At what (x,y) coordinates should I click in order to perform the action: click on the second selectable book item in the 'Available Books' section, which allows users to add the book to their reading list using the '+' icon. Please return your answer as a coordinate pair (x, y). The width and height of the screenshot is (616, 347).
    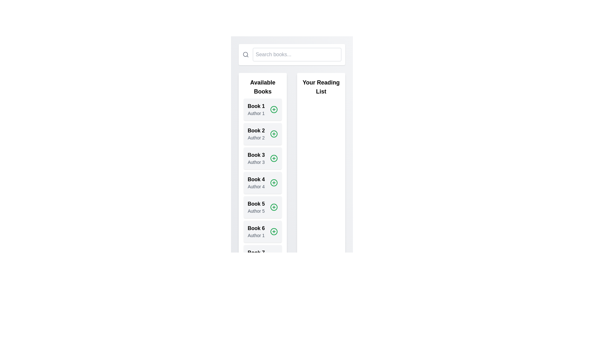
    Looking at the image, I should click on (263, 133).